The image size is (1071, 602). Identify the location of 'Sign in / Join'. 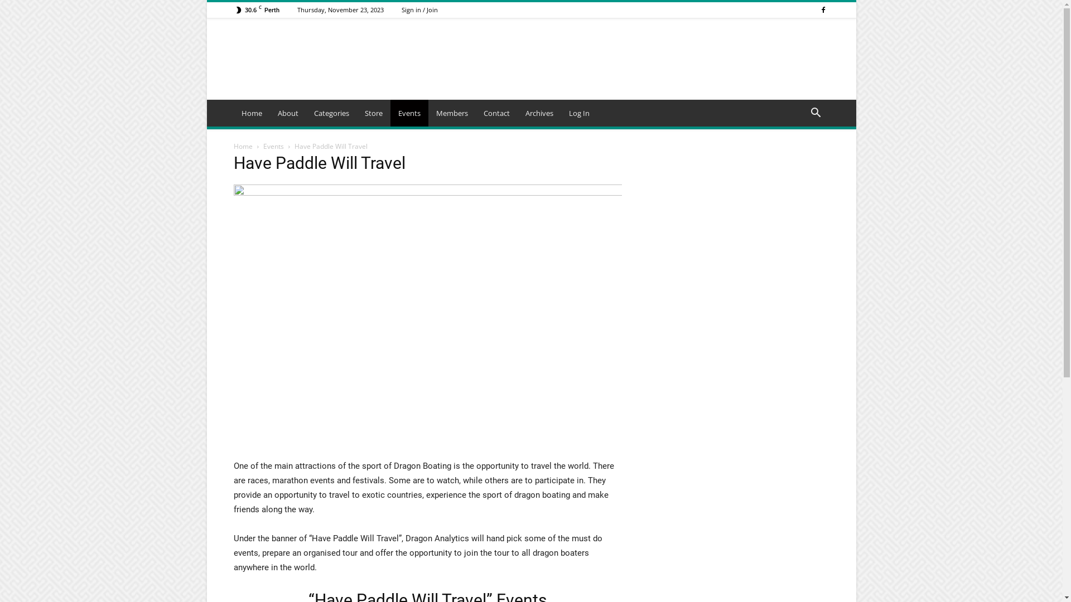
(419, 9).